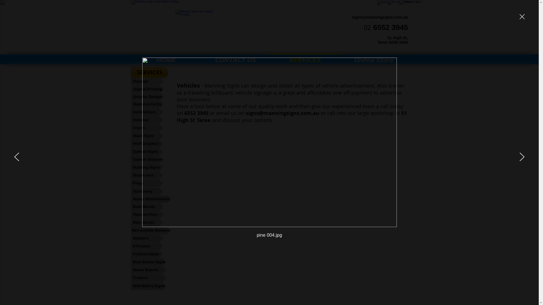  I want to click on 'Wall Graphics', so click(146, 143).